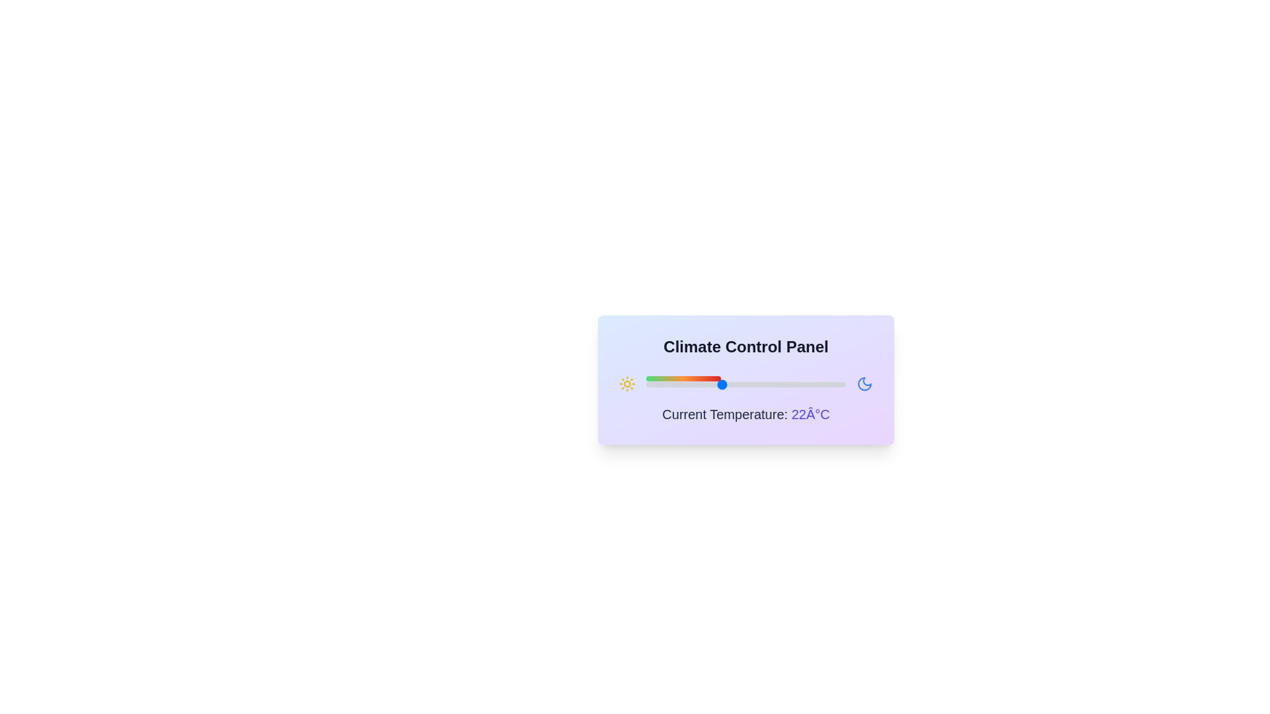 The width and height of the screenshot is (1270, 714). Describe the element at coordinates (832, 385) in the screenshot. I see `the climate control temperature` at that location.